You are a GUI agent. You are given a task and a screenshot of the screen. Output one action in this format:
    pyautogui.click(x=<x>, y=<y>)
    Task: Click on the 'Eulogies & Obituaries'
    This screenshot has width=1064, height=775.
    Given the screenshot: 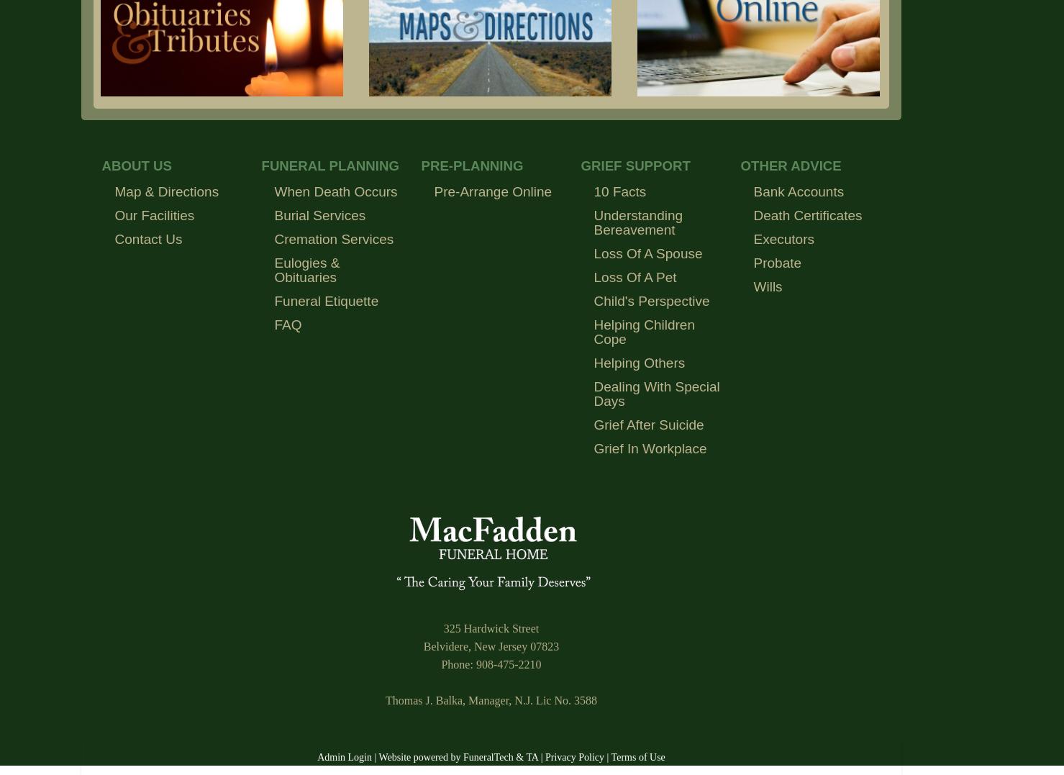 What is the action you would take?
    pyautogui.click(x=306, y=269)
    